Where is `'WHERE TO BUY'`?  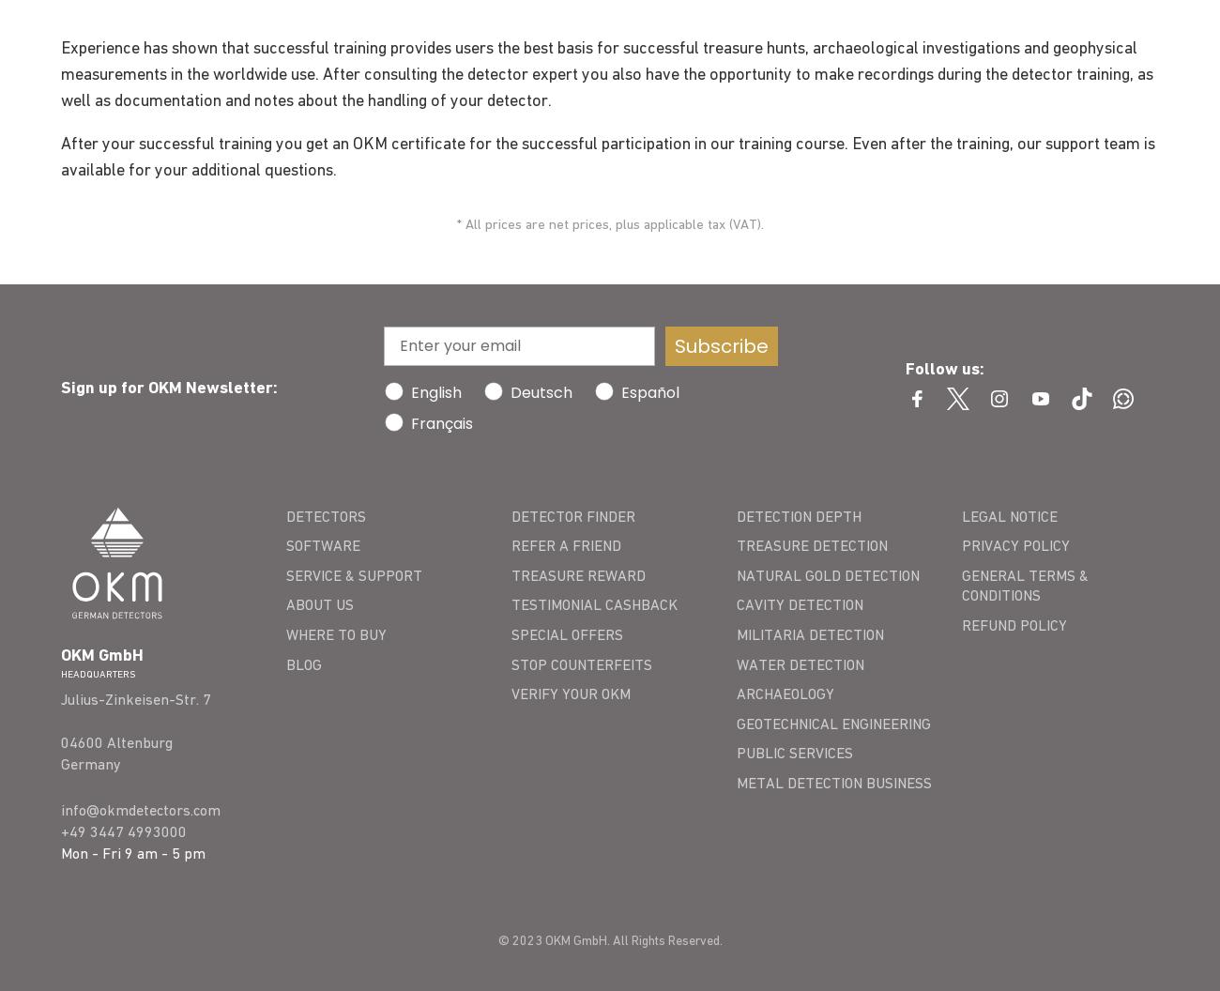
'WHERE TO BUY' is located at coordinates (335, 633).